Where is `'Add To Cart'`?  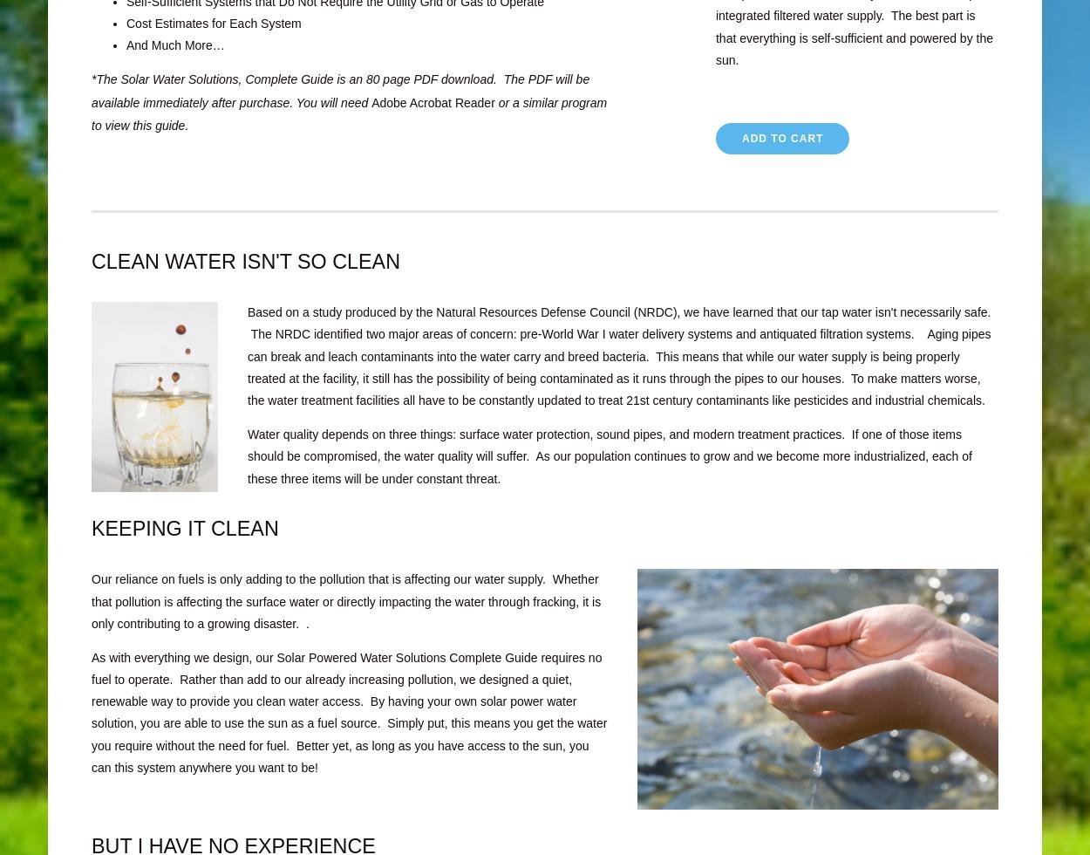
'Add To Cart' is located at coordinates (782, 138).